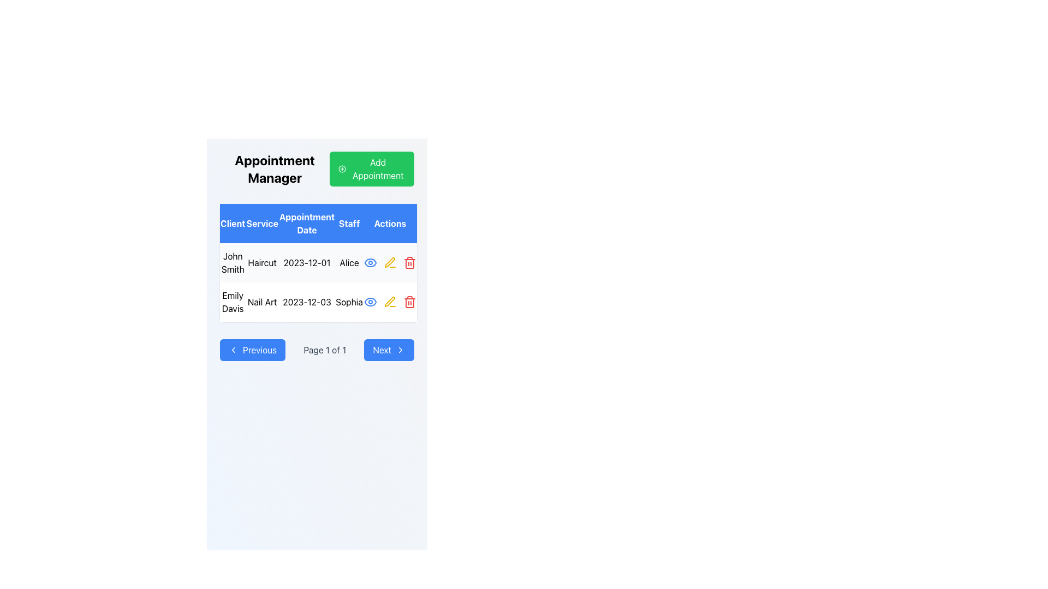 The image size is (1048, 589). Describe the element at coordinates (370, 302) in the screenshot. I see `the 'view' or 'preview' button` at that location.